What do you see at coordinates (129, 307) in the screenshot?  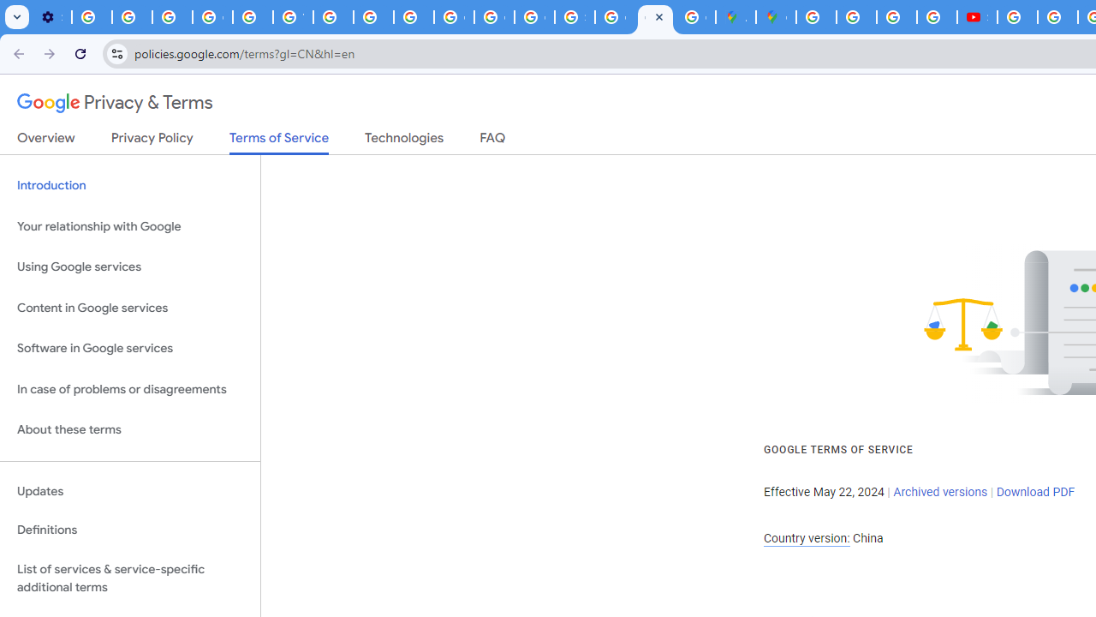 I see `'Content in Google services'` at bounding box center [129, 307].